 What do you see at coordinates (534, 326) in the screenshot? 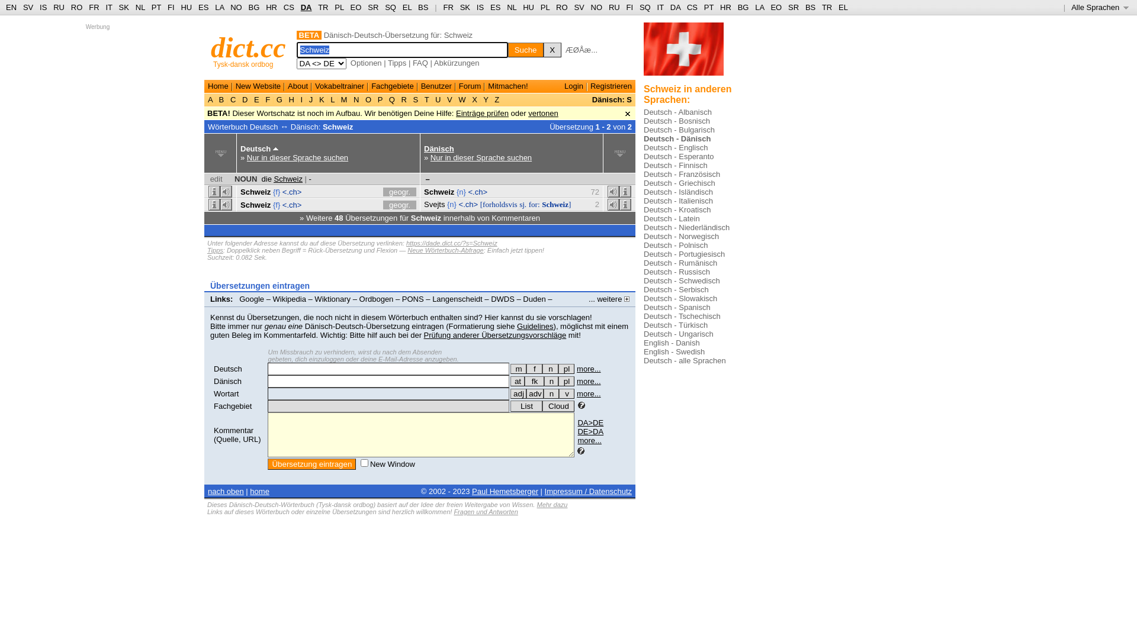
I see `'Guidelines'` at bounding box center [534, 326].